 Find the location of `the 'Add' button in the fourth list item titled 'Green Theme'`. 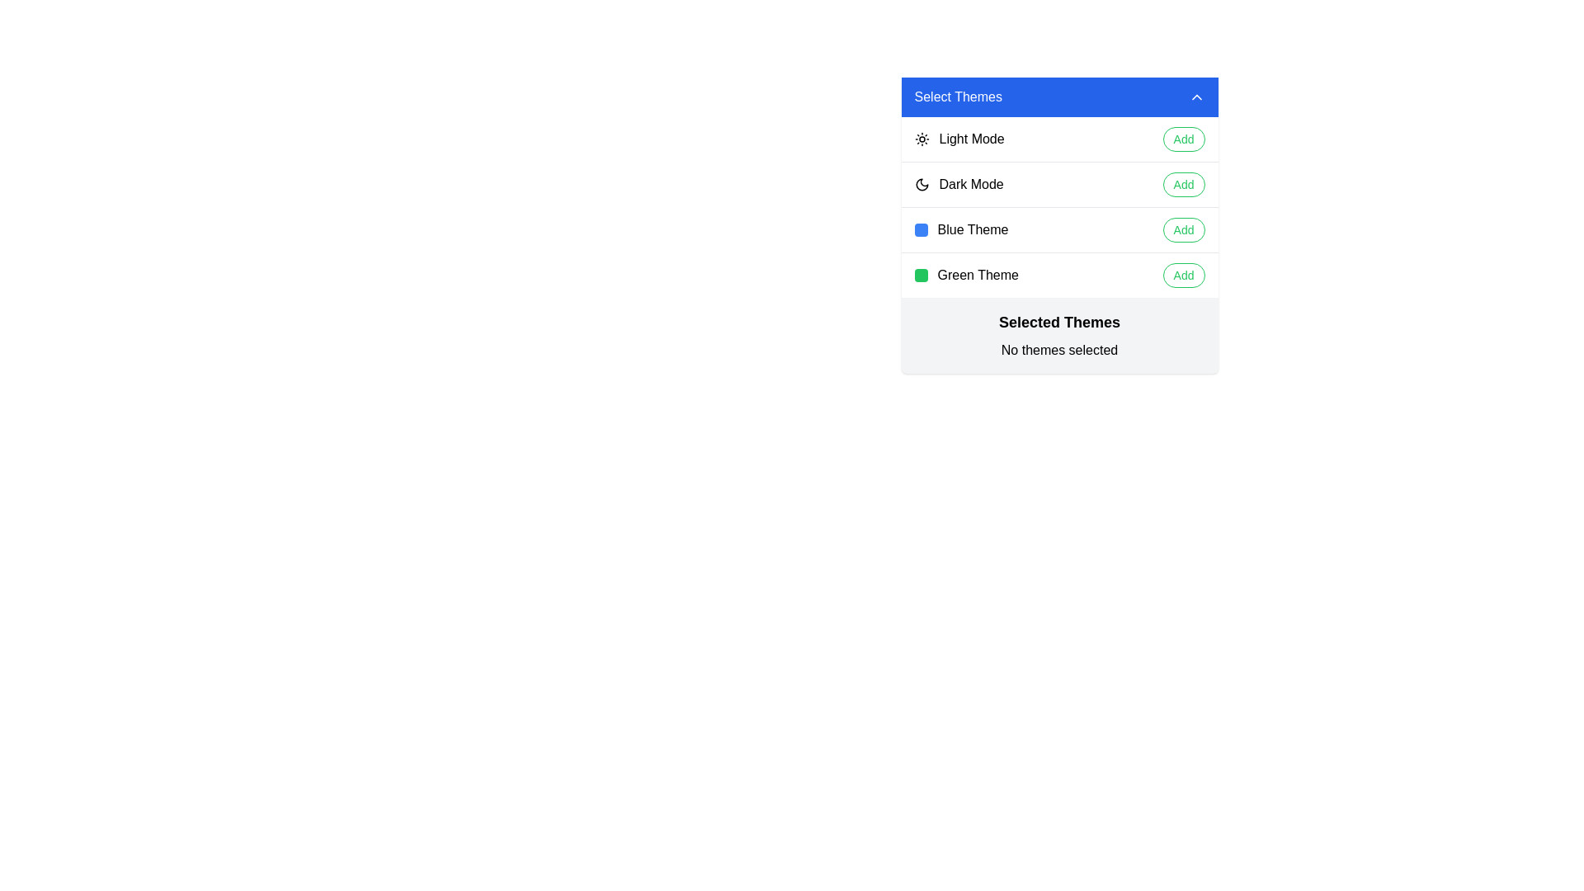

the 'Add' button in the fourth list item titled 'Green Theme' is located at coordinates (1059, 274).